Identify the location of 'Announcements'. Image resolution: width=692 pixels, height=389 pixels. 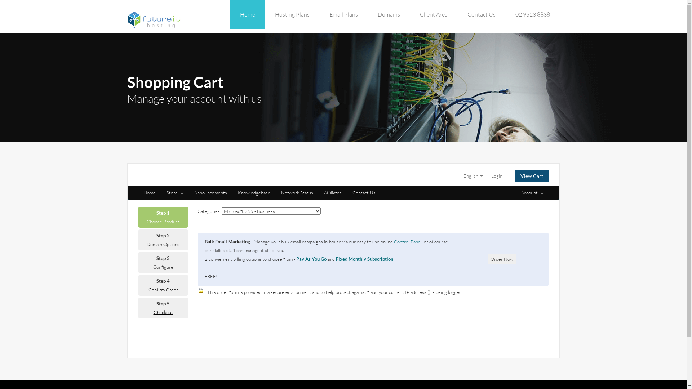
(210, 192).